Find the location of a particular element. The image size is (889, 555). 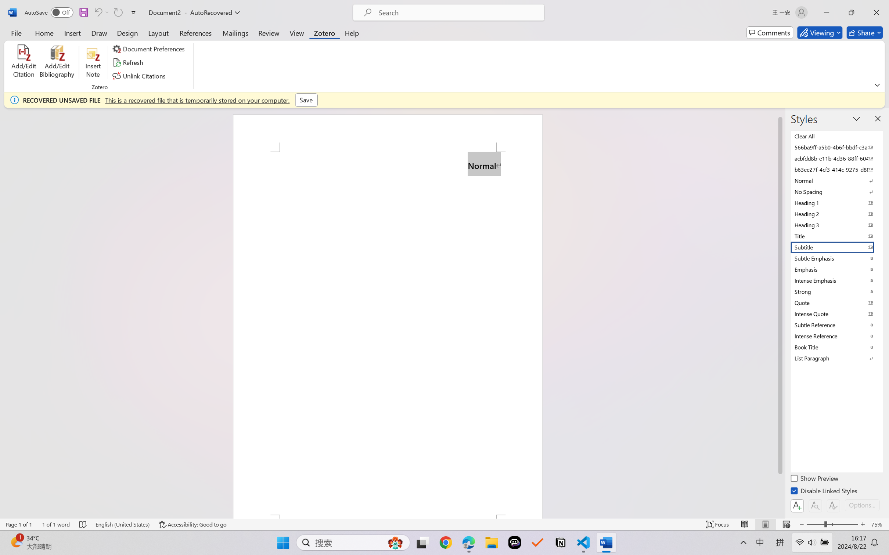

'No Spacing' is located at coordinates (836, 192).